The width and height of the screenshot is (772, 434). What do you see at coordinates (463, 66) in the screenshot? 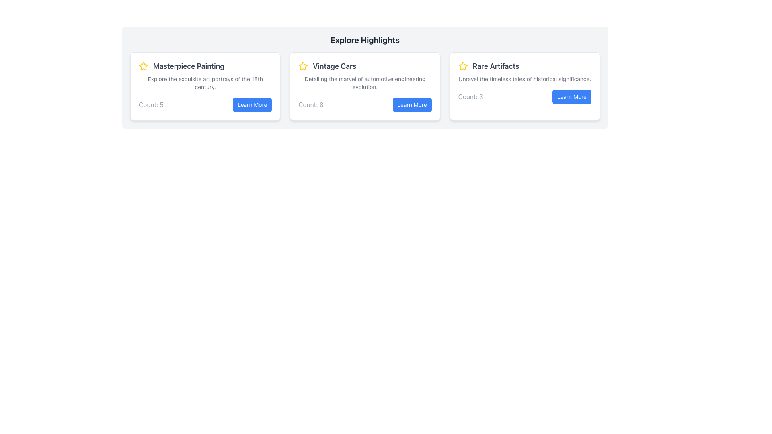
I see `the star-shaped icon with a yellow fill and rounded border, located to the left of the text 'Rare Artifacts' in the top-right corner of the 'Explore Highlights' section` at bounding box center [463, 66].